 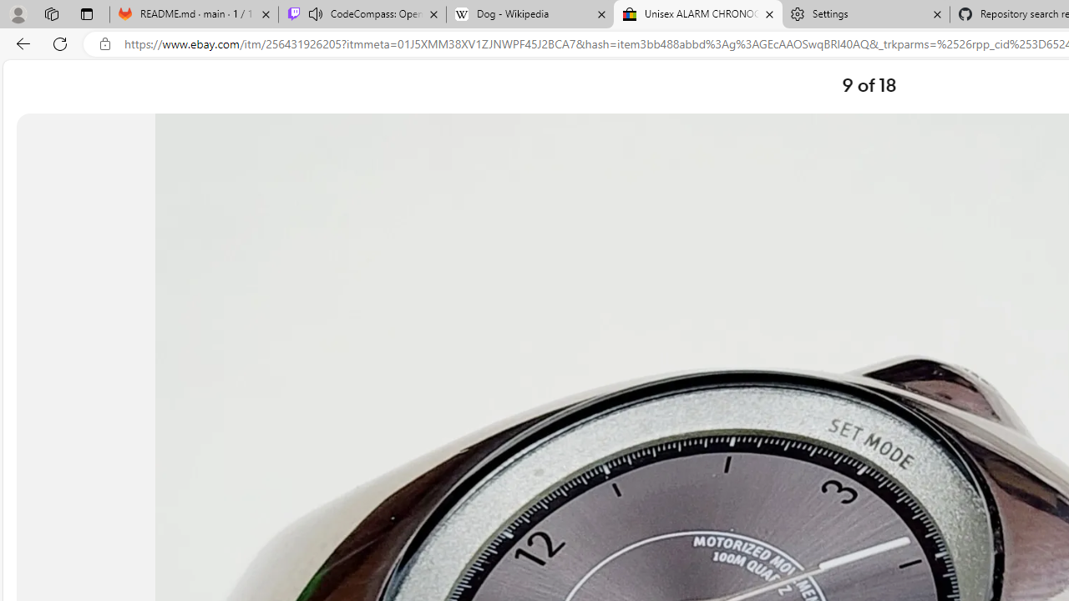 What do you see at coordinates (60, 43) in the screenshot?
I see `'Refresh'` at bounding box center [60, 43].